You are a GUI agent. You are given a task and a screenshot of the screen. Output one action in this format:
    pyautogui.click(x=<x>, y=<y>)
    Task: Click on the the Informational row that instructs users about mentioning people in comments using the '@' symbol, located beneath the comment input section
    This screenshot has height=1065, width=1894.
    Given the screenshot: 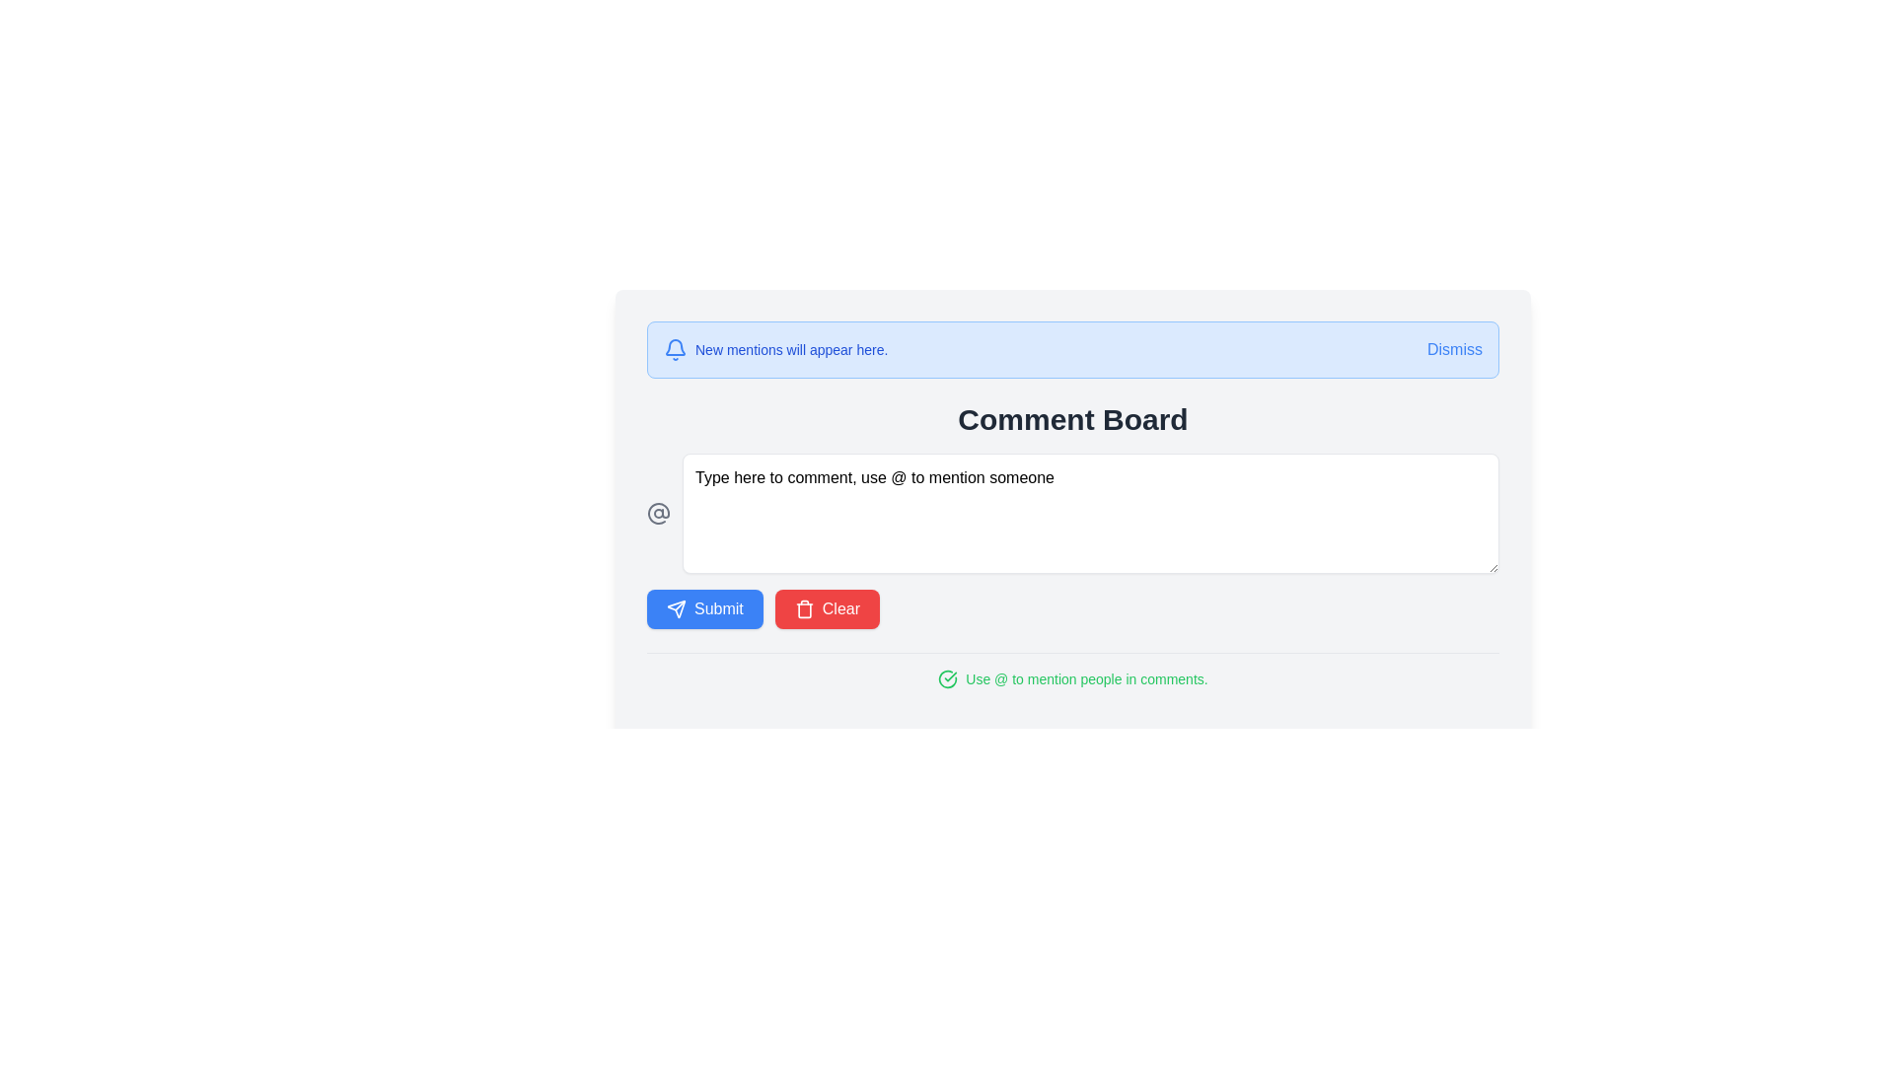 What is the action you would take?
    pyautogui.click(x=1072, y=678)
    